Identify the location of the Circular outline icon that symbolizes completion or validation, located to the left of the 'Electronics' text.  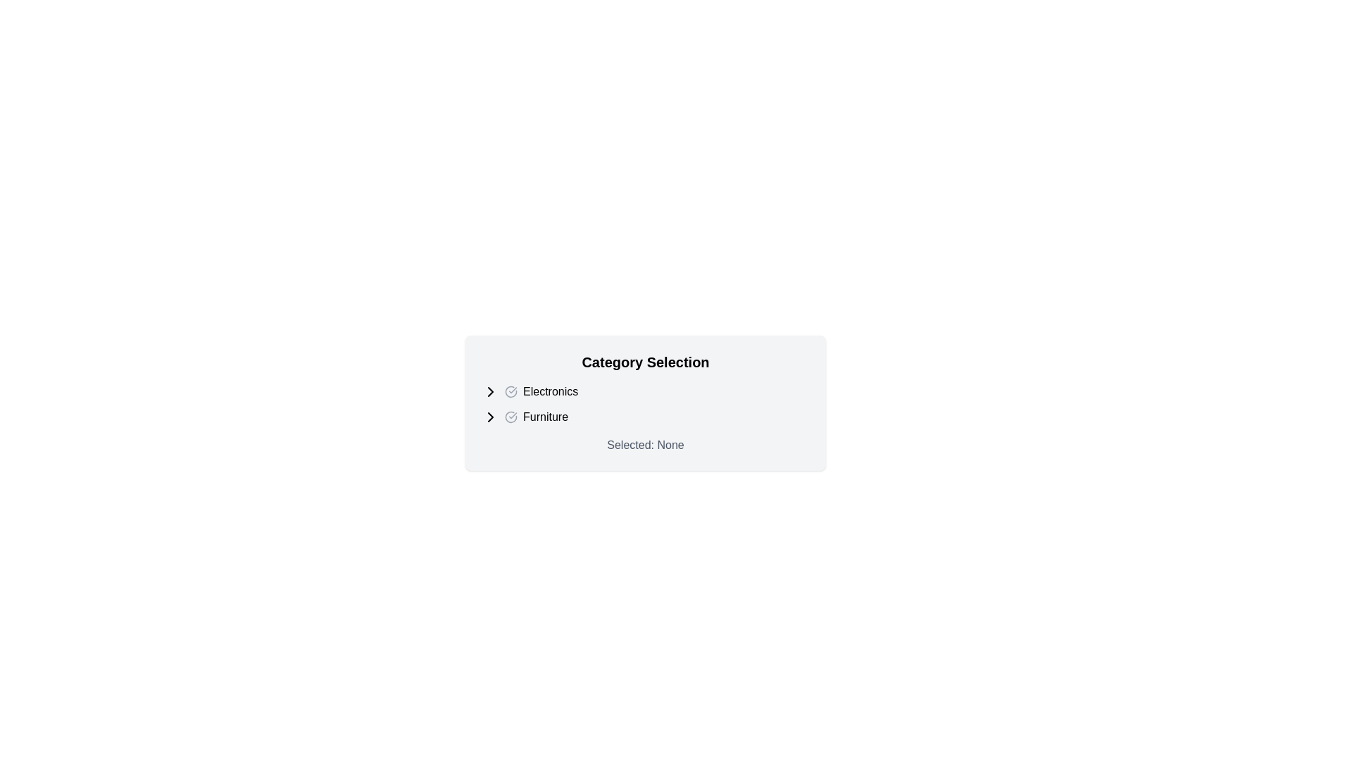
(510, 391).